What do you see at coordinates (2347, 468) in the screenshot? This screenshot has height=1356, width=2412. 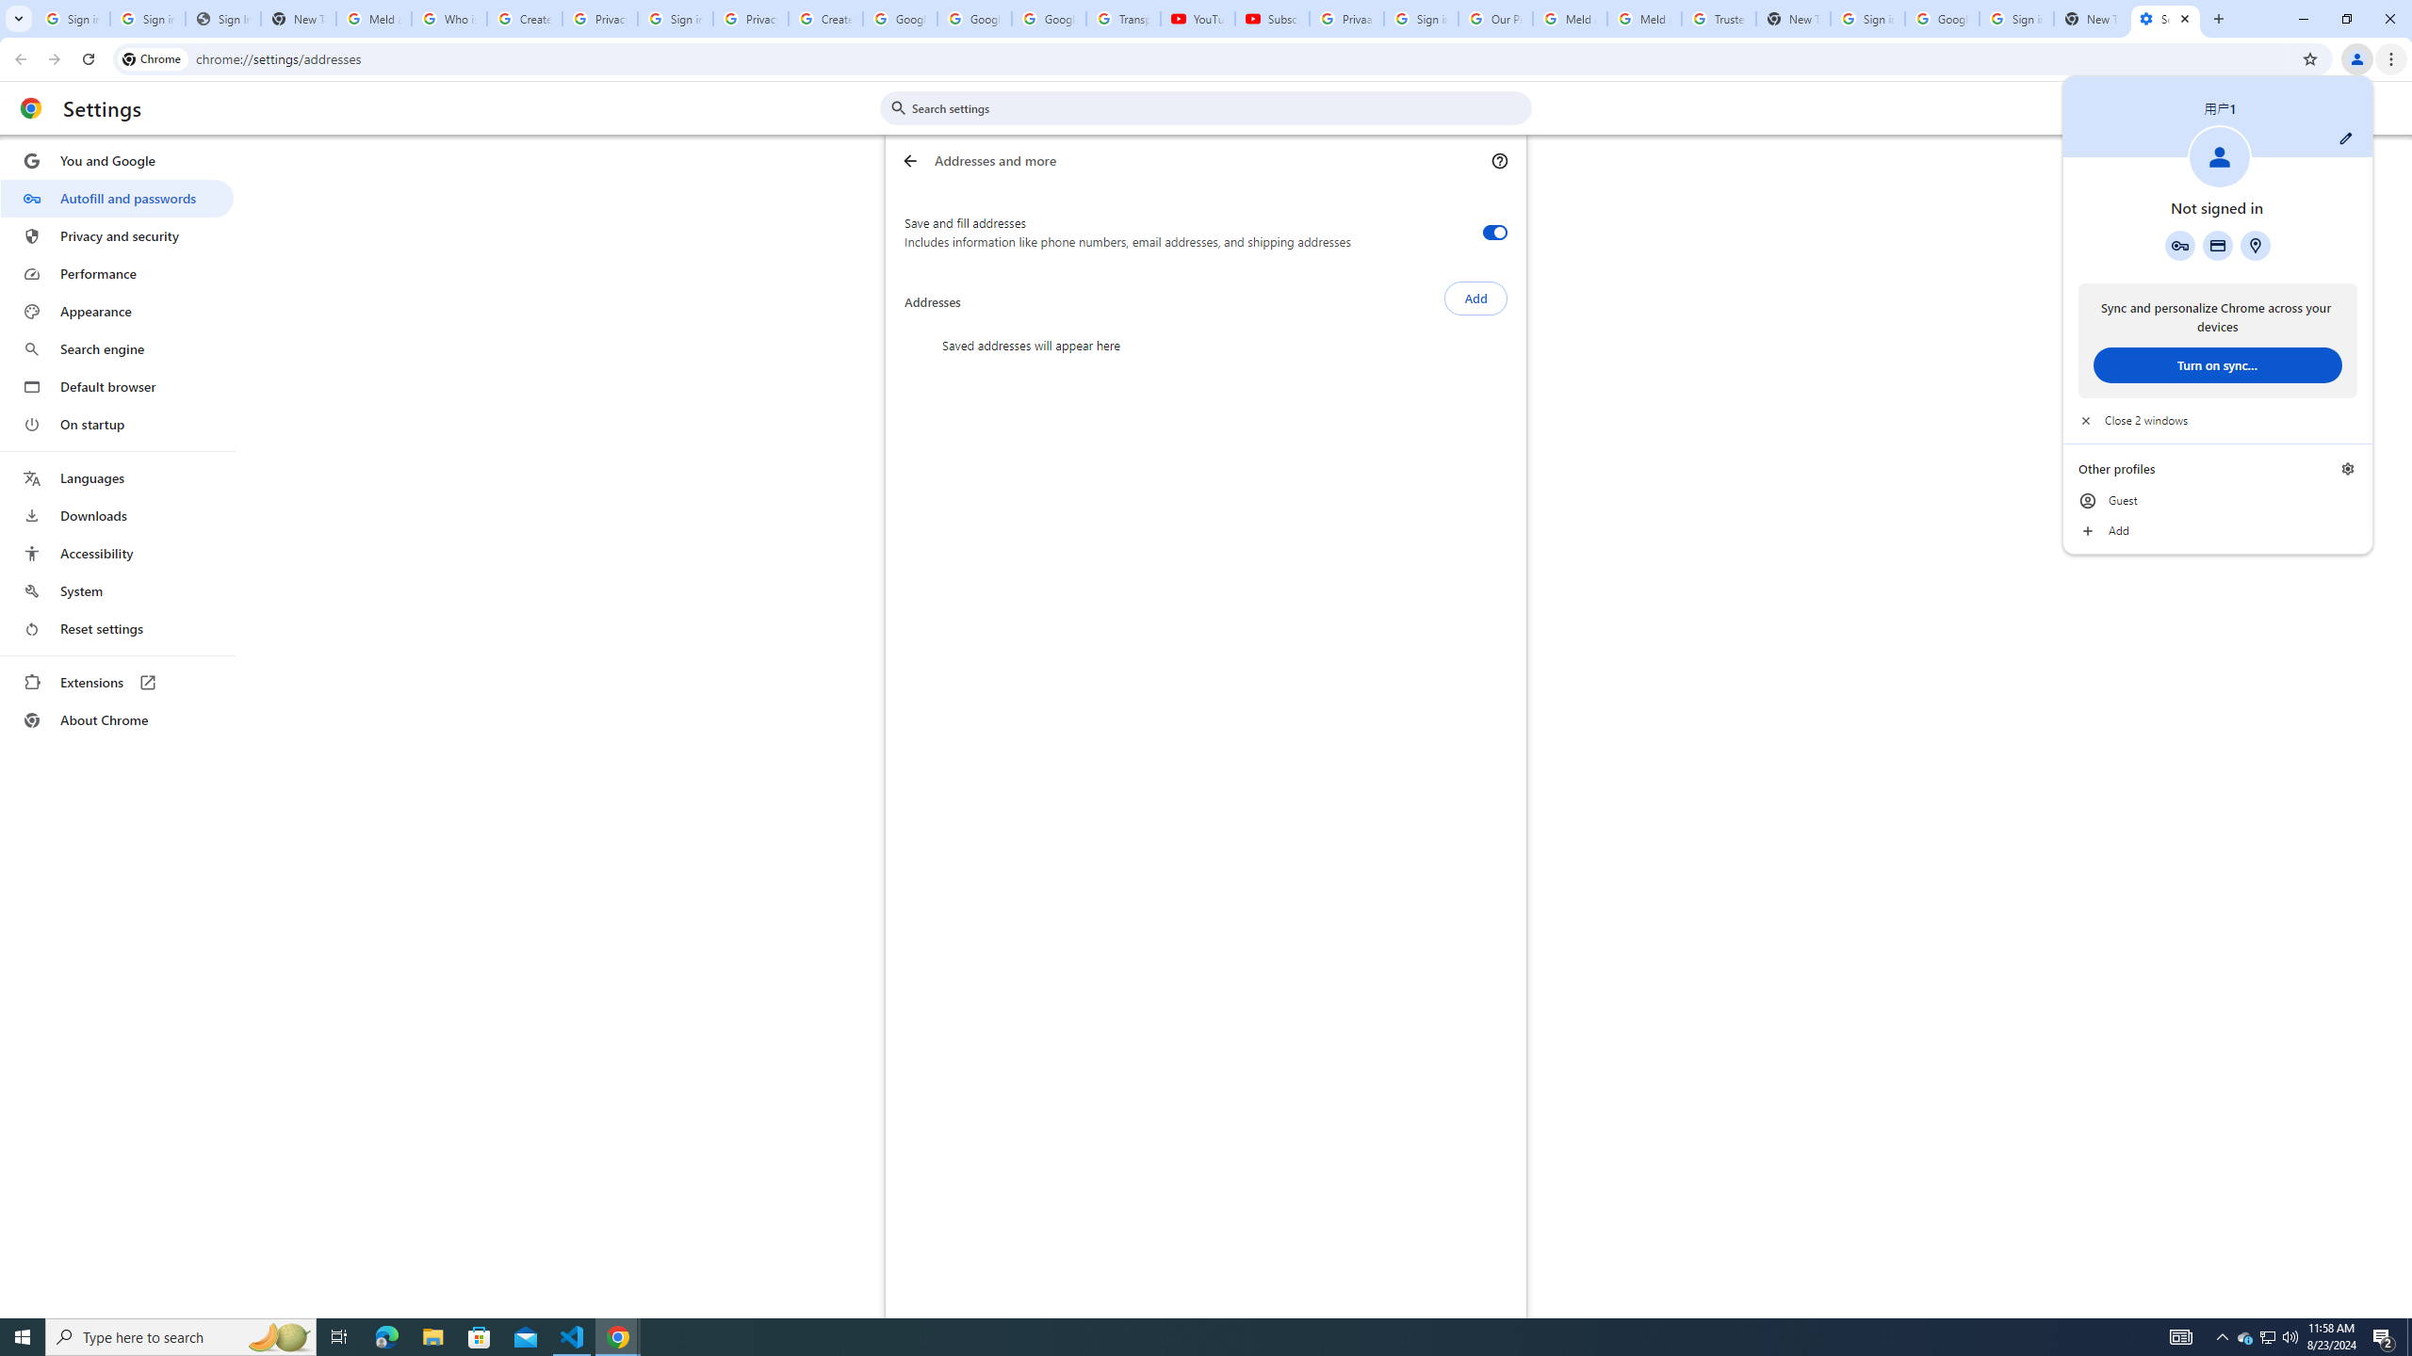 I see `'Manage profiles'` at bounding box center [2347, 468].